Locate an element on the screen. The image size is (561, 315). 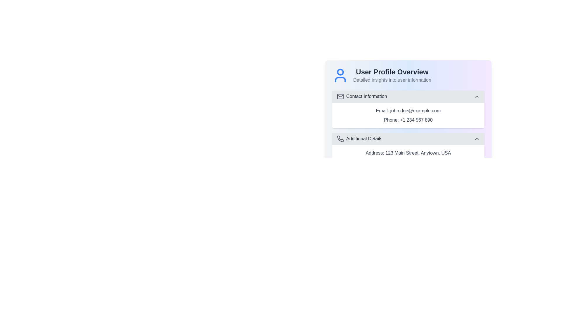
the collapsible panel that contains the user's contact details, indicated by the arrow icon is located at coordinates (408, 106).